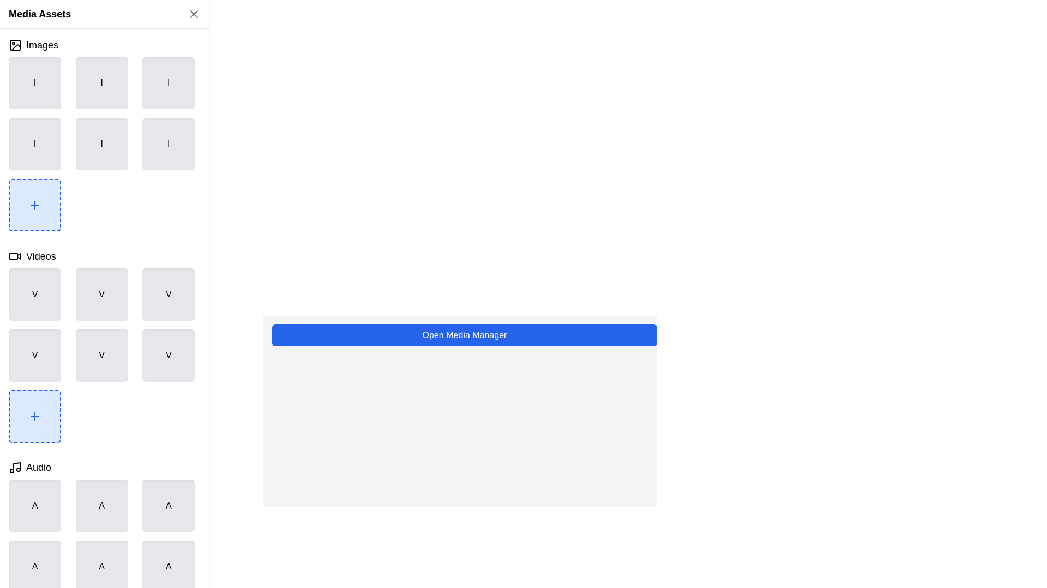 The width and height of the screenshot is (1047, 588). I want to click on the vertical line of the music note icon located, so click(16, 466).